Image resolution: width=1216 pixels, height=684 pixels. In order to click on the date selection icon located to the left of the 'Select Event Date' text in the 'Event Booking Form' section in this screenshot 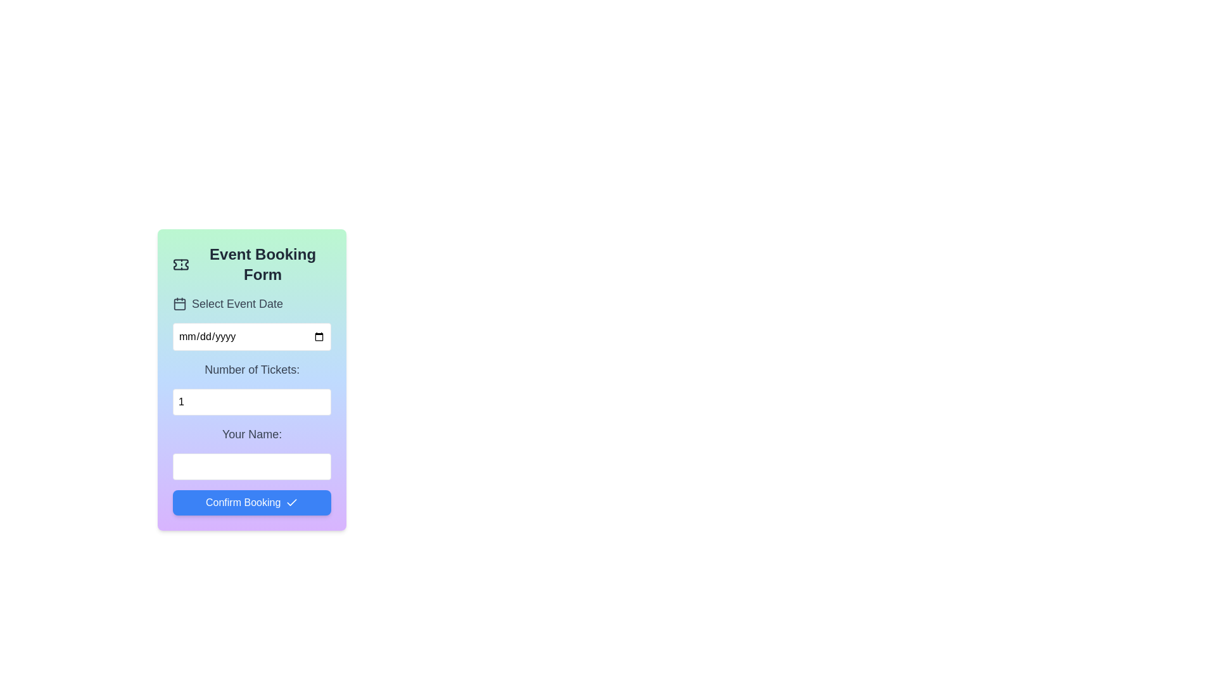, I will do `click(179, 303)`.